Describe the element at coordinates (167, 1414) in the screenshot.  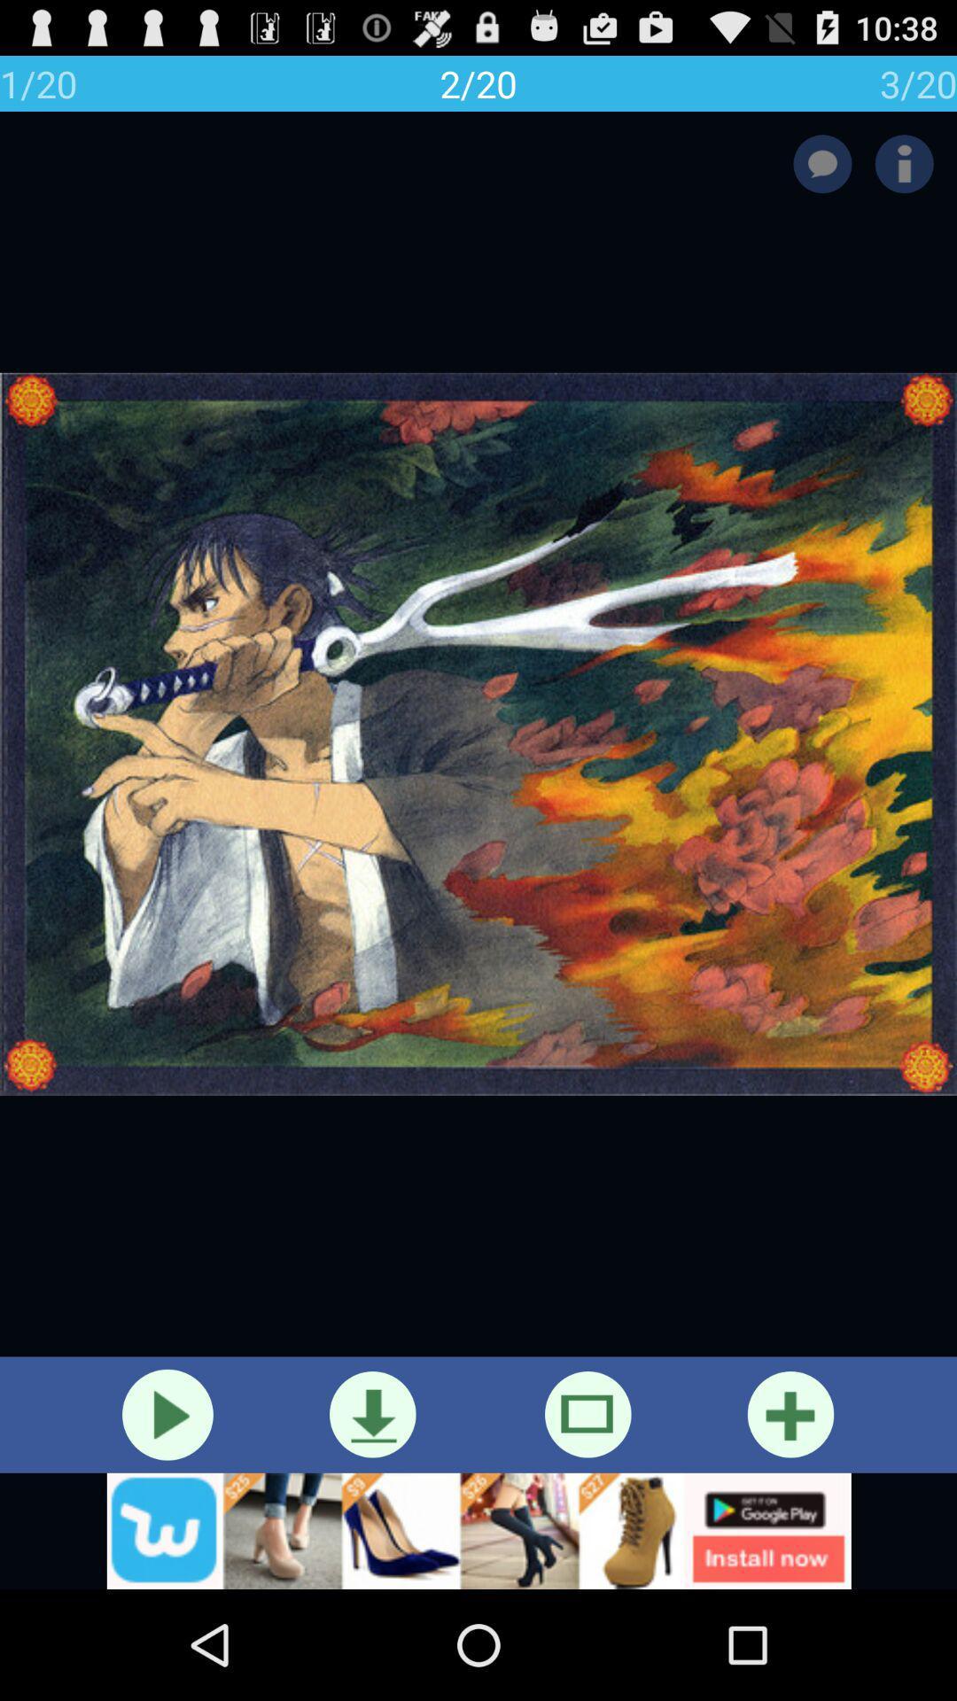
I see `button` at that location.